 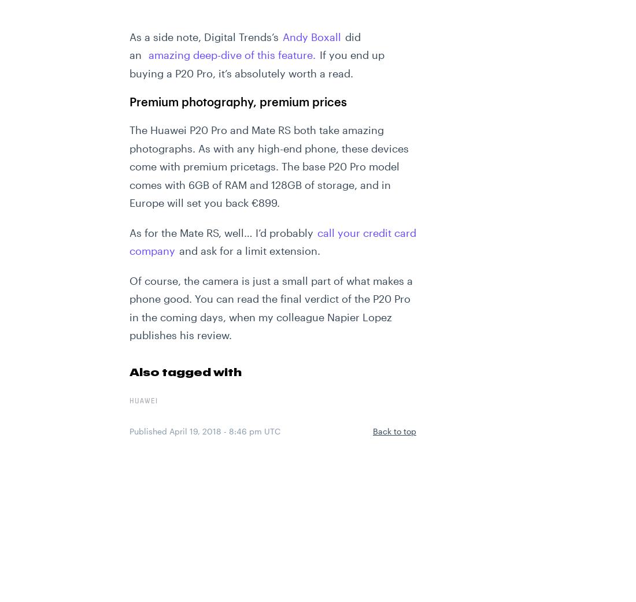 I want to click on 'did an', so click(x=245, y=44).